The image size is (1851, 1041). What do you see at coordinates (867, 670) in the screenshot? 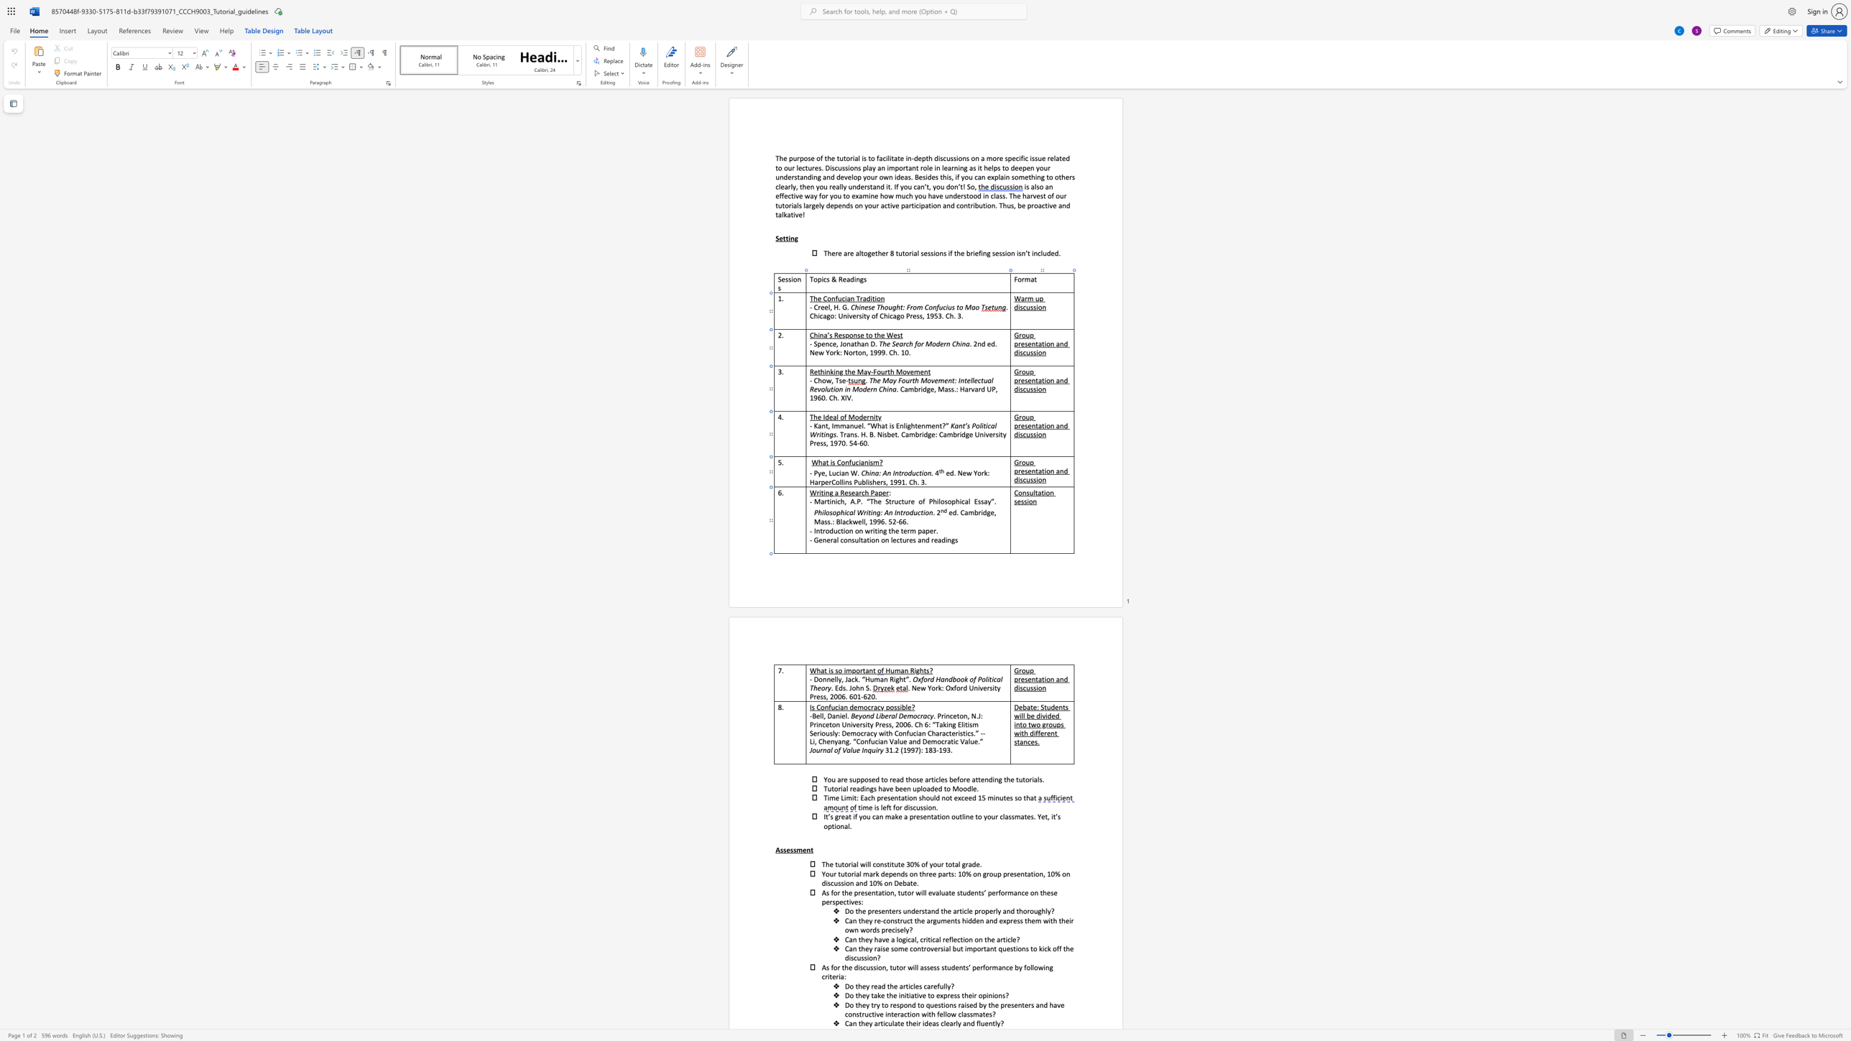
I see `the 2th character "a" in the text` at bounding box center [867, 670].